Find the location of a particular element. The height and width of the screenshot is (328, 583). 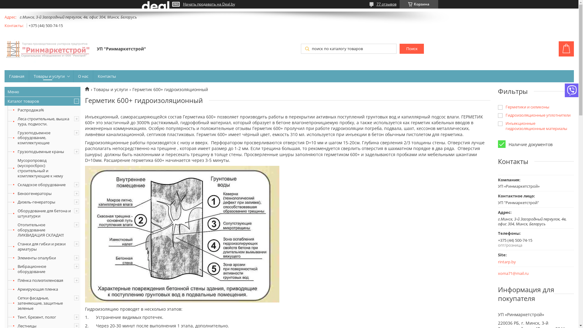

'xoma71@mail.ru' is located at coordinates (513, 273).